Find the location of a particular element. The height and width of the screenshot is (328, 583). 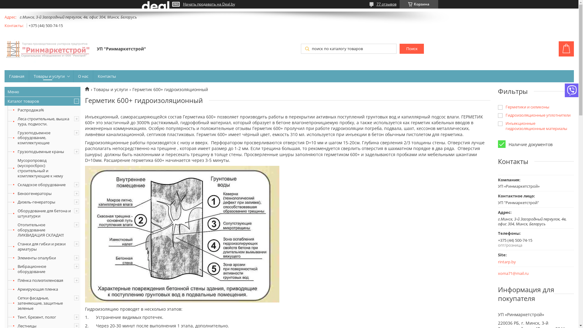

'xoma71@mail.ru' is located at coordinates (513, 273).